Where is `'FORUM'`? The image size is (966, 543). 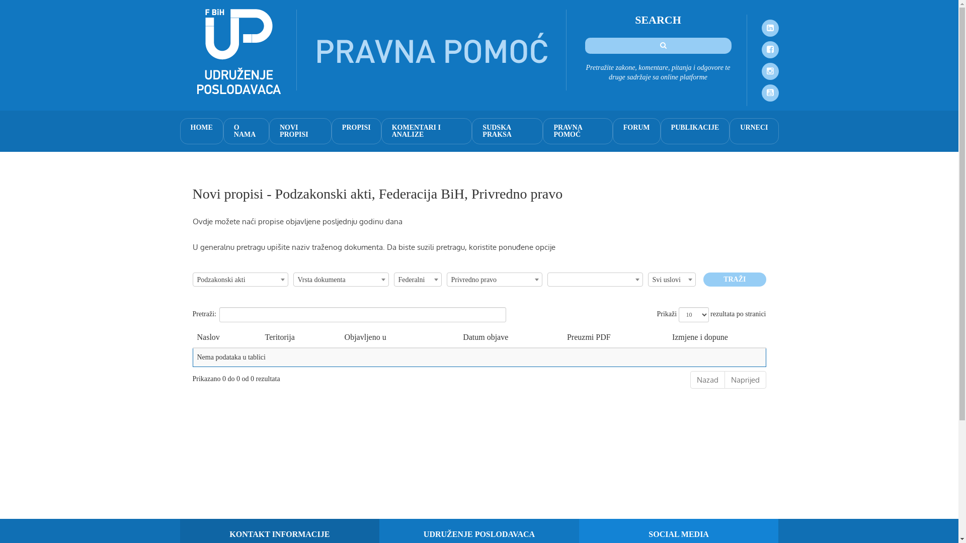 'FORUM' is located at coordinates (636, 131).